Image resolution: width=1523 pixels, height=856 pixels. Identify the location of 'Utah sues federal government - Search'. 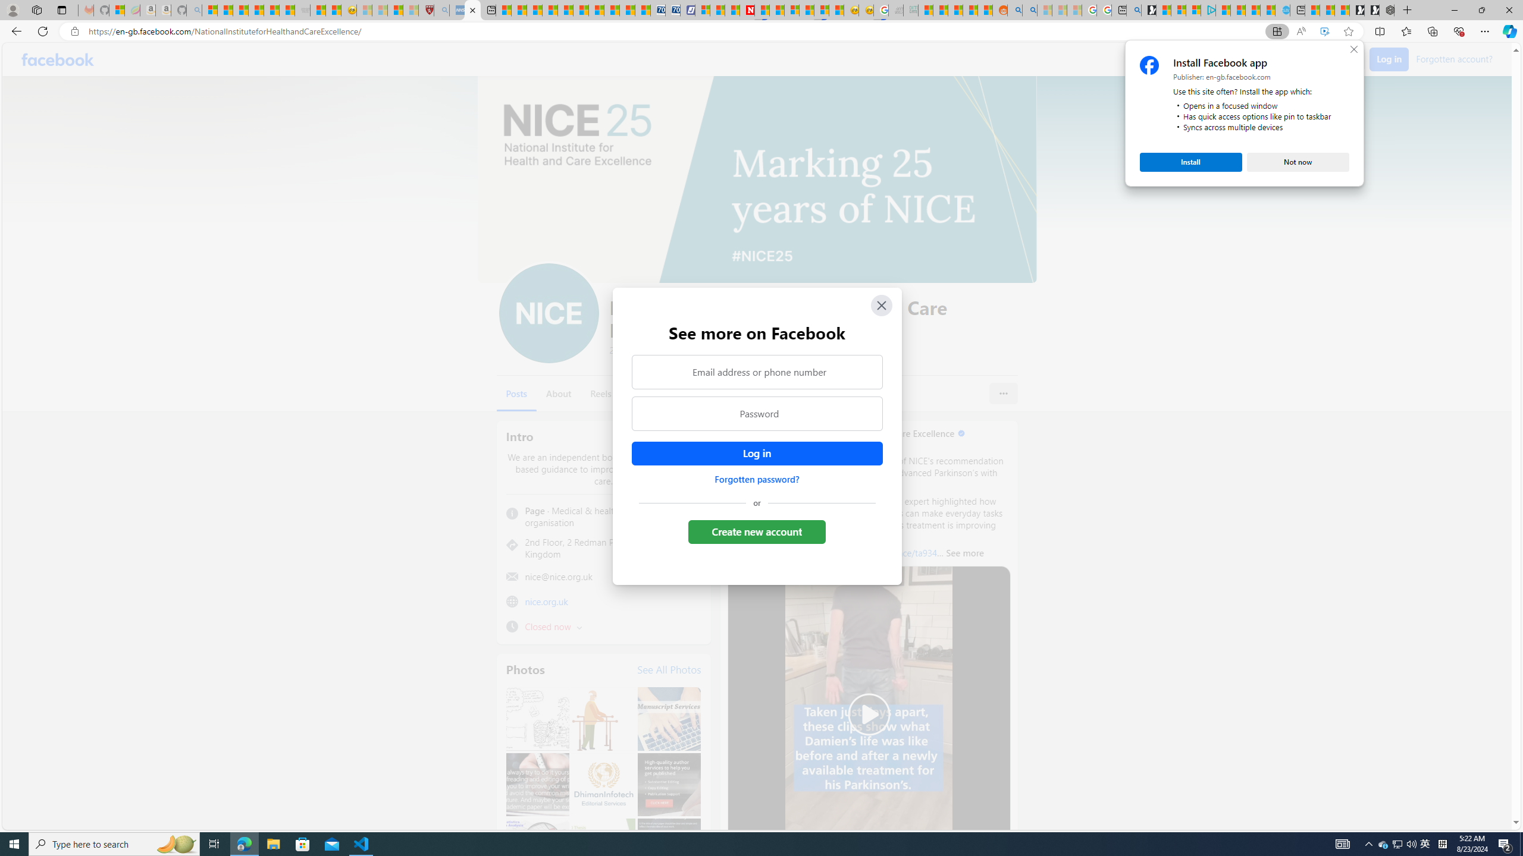
(1029, 10).